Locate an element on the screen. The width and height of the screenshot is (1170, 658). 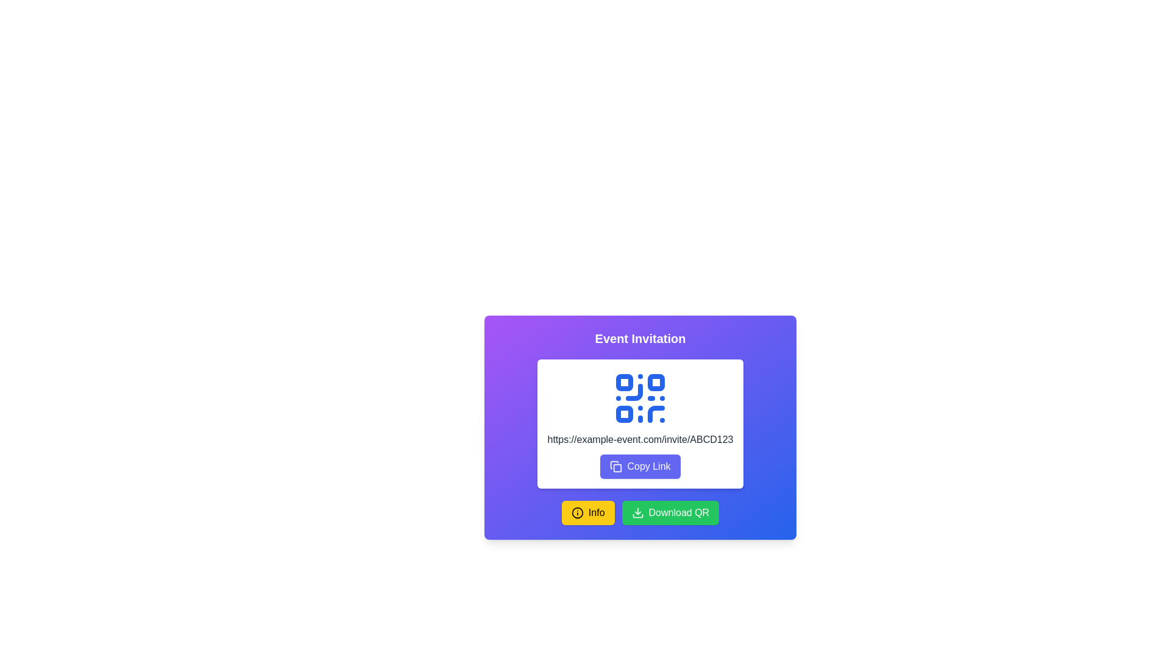
the green 'Download QR' button located in the lower-right corner of the button group to download the QR code is located at coordinates (669, 512).